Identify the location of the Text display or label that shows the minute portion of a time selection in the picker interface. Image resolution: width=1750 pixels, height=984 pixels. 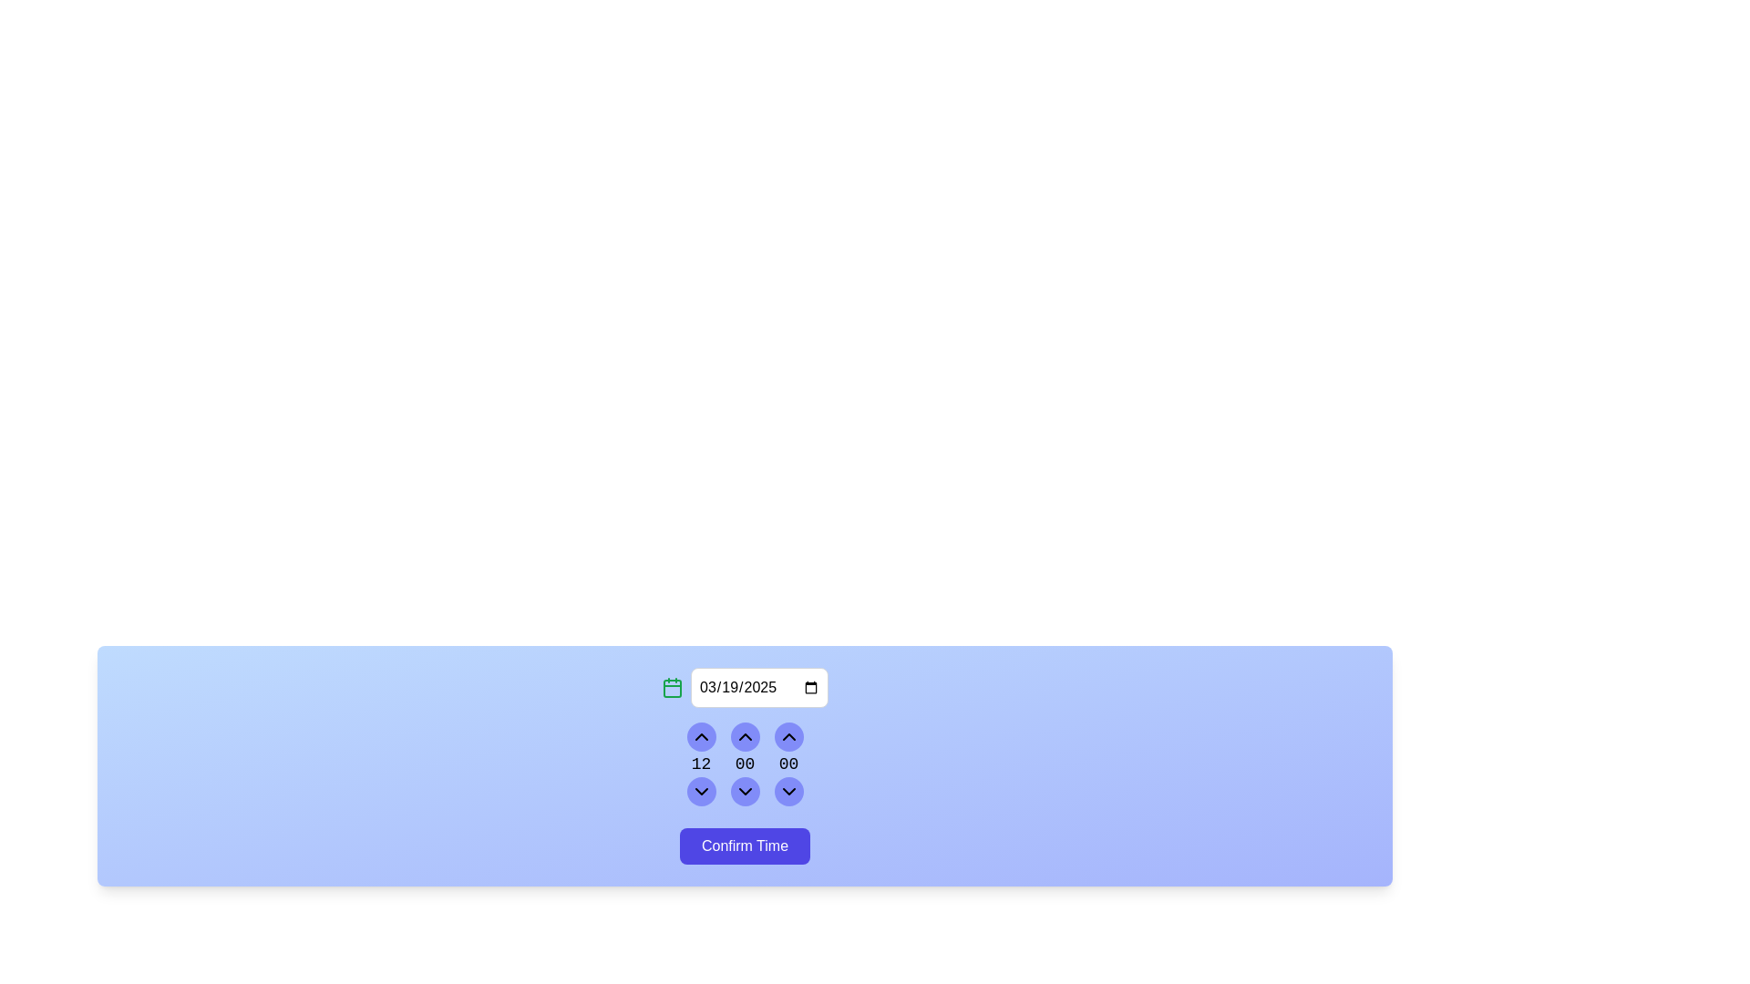
(745, 764).